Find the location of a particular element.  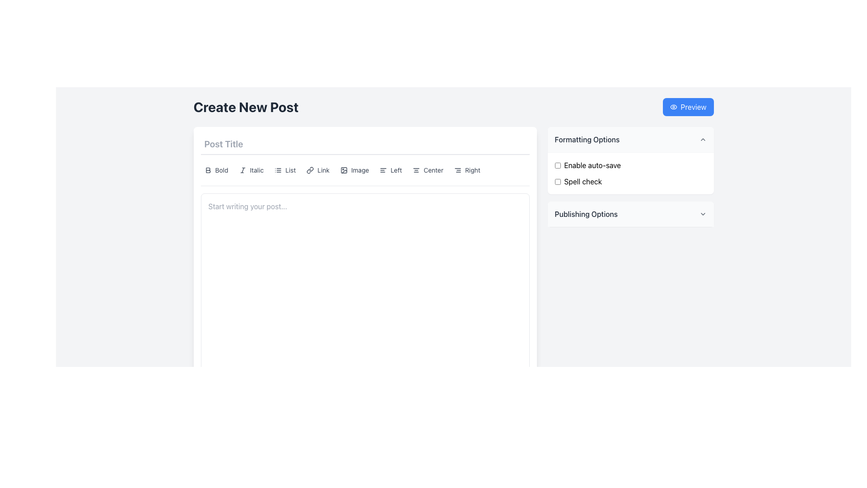

the fourth IconButton in the toolbar is located at coordinates (277, 170).